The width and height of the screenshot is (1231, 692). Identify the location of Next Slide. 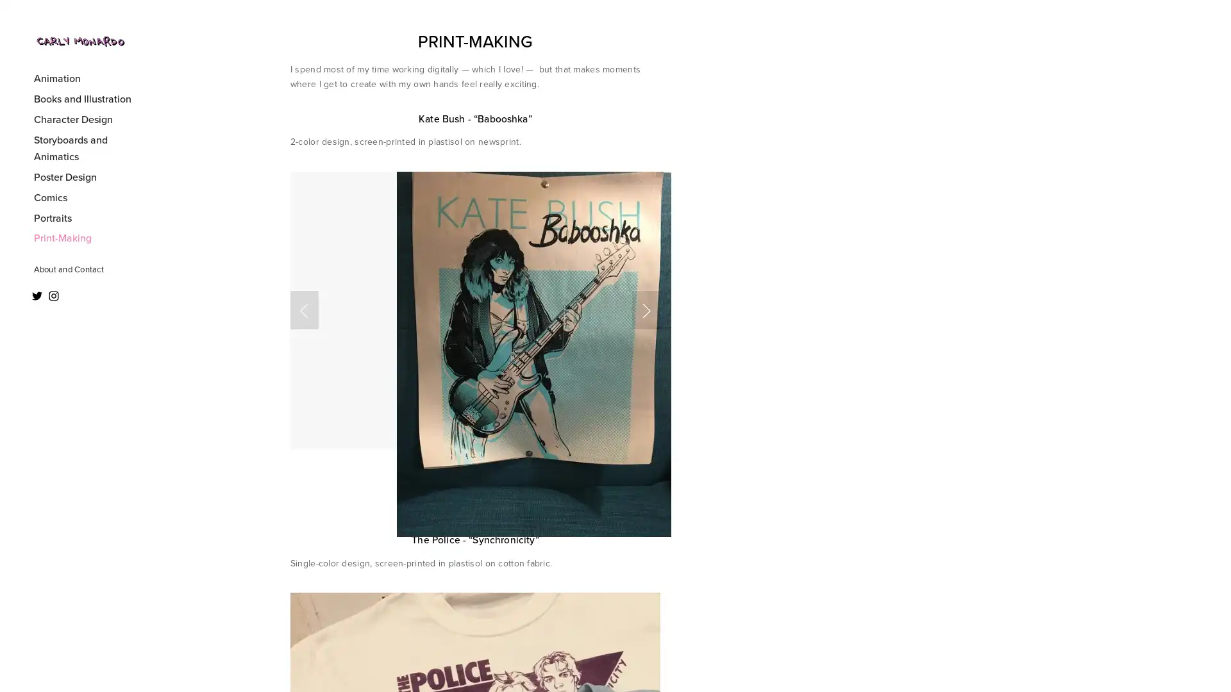
(646, 309).